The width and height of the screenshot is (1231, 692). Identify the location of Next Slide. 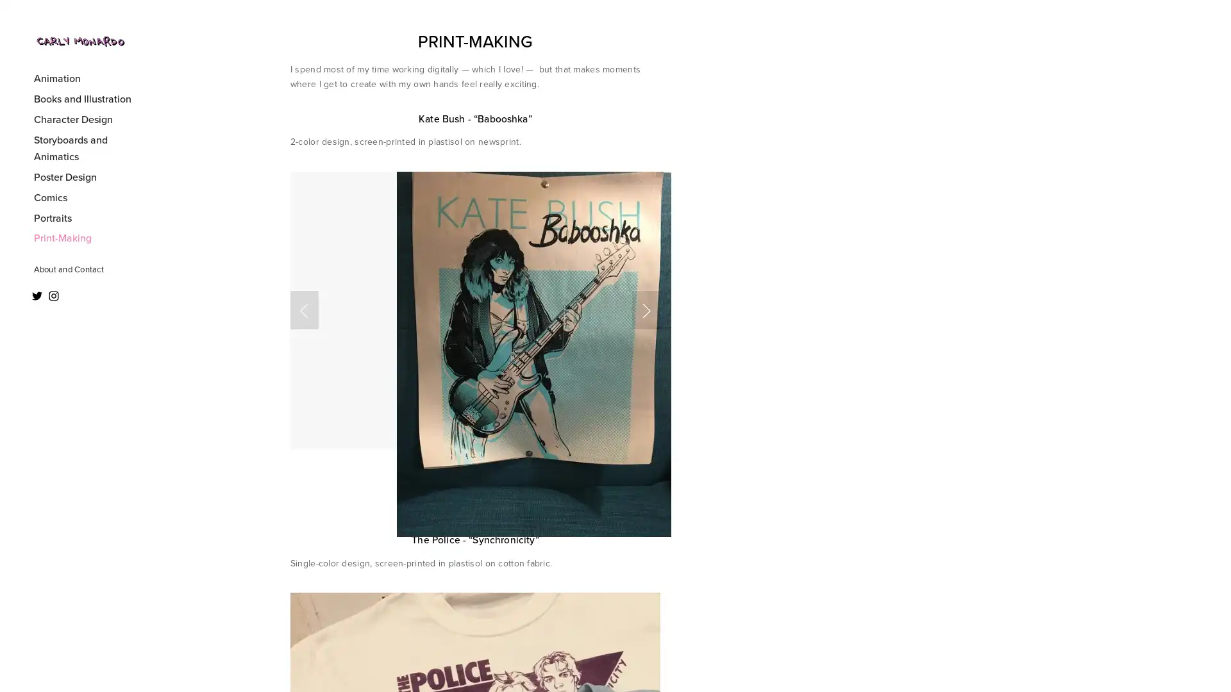
(646, 309).